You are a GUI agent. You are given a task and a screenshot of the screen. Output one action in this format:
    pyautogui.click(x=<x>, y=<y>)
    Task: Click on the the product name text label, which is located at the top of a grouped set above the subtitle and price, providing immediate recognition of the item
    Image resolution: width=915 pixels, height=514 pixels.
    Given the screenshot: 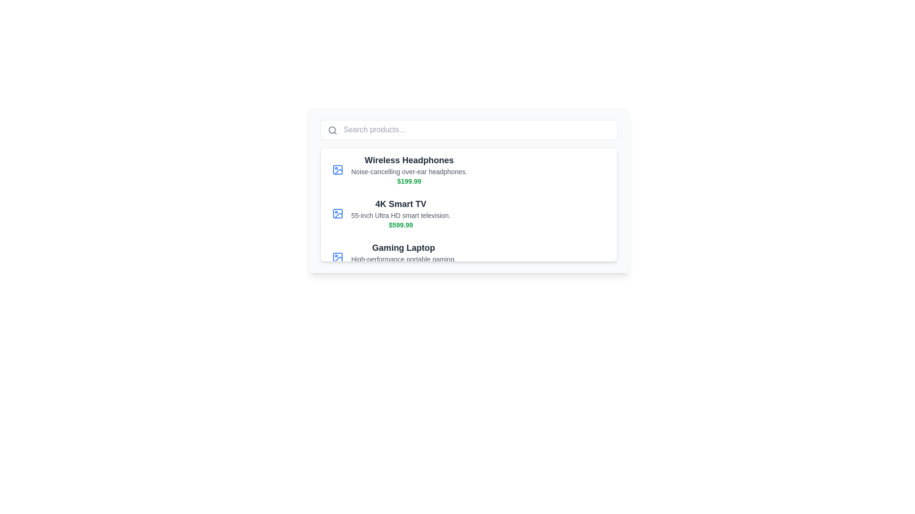 What is the action you would take?
    pyautogui.click(x=409, y=159)
    